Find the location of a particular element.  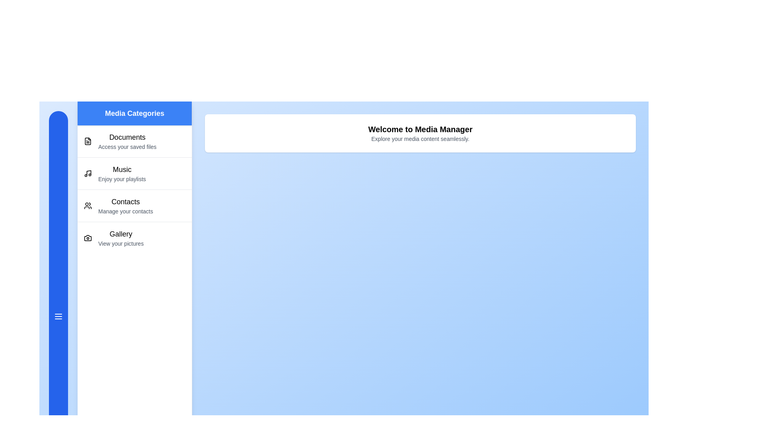

the category Music to explore its details is located at coordinates (134, 173).